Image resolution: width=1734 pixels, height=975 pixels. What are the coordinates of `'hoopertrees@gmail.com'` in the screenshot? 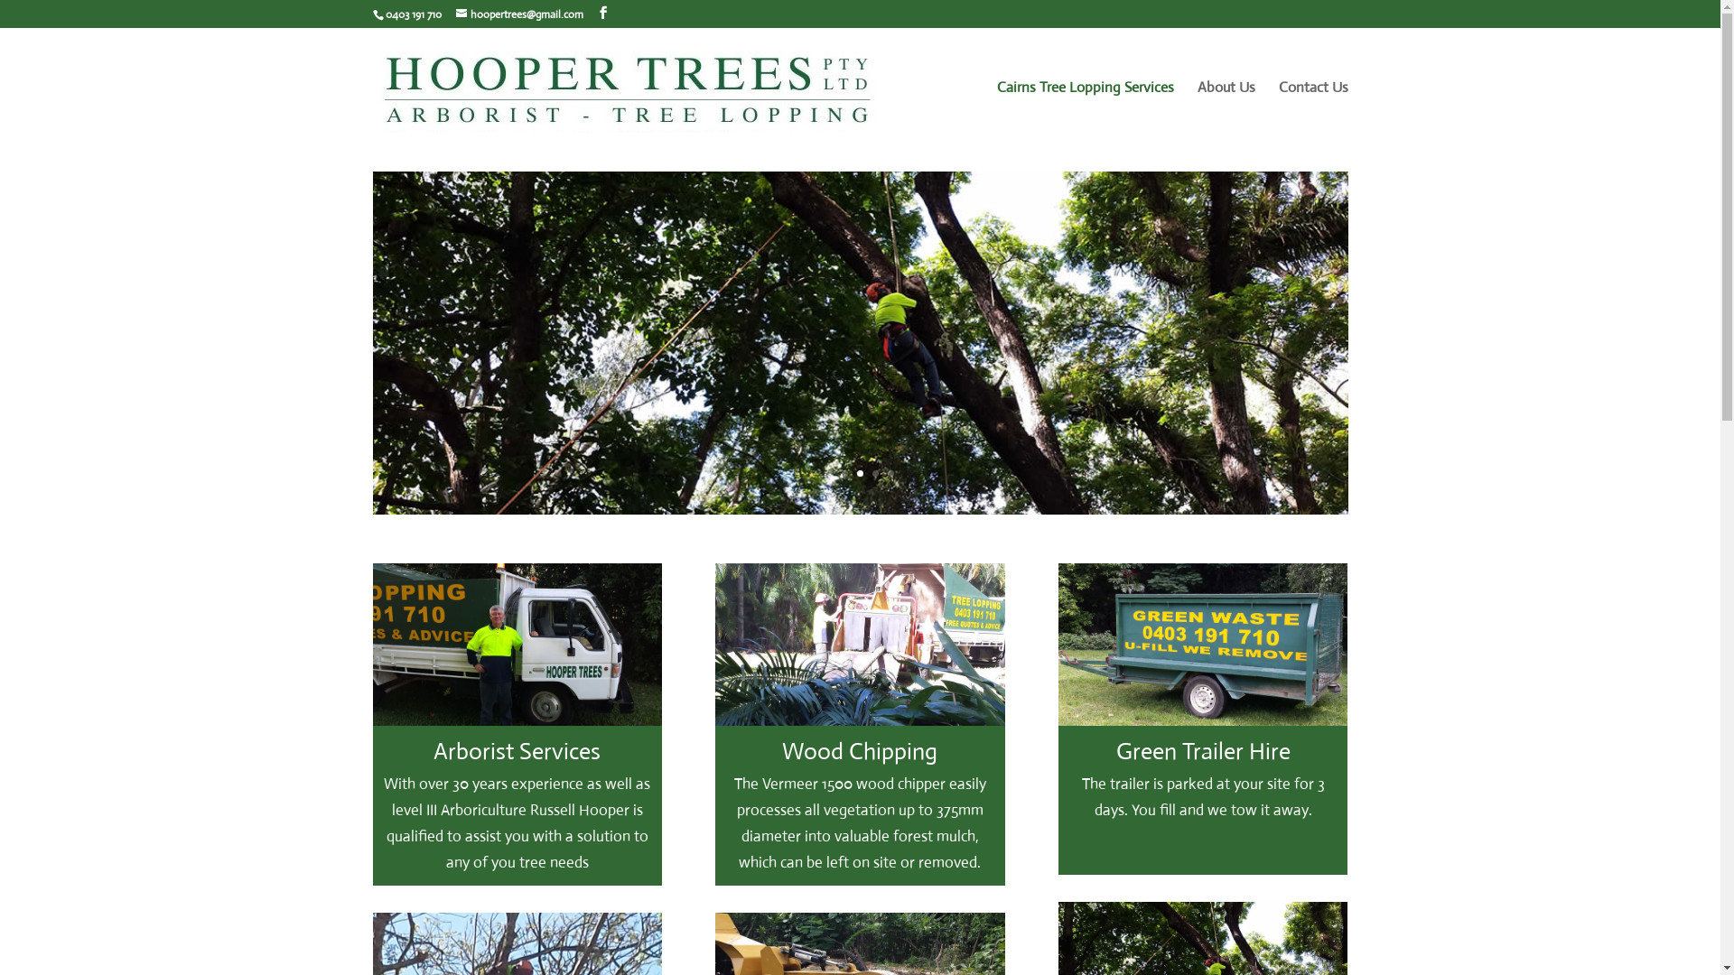 It's located at (517, 14).